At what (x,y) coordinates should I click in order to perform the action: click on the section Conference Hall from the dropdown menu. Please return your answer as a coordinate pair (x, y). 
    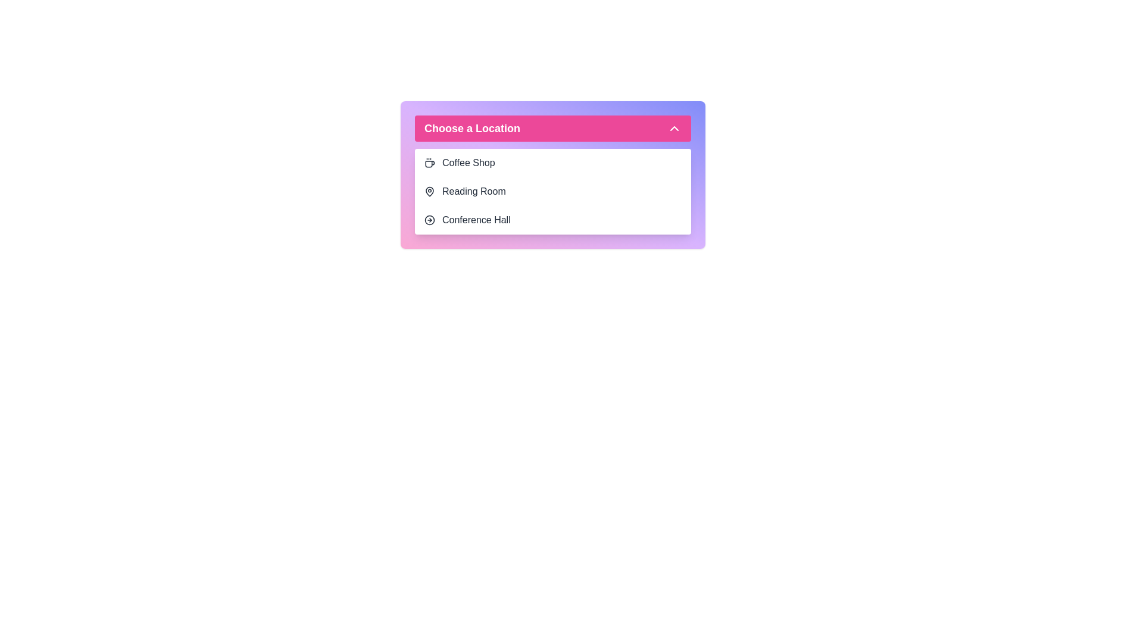
    Looking at the image, I should click on (552, 220).